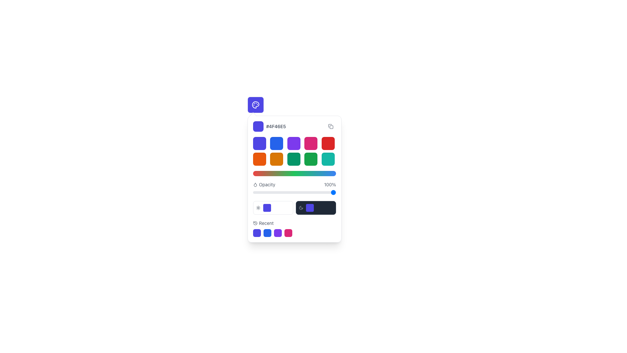 The image size is (627, 353). What do you see at coordinates (302, 192) in the screenshot?
I see `opacity` at bounding box center [302, 192].